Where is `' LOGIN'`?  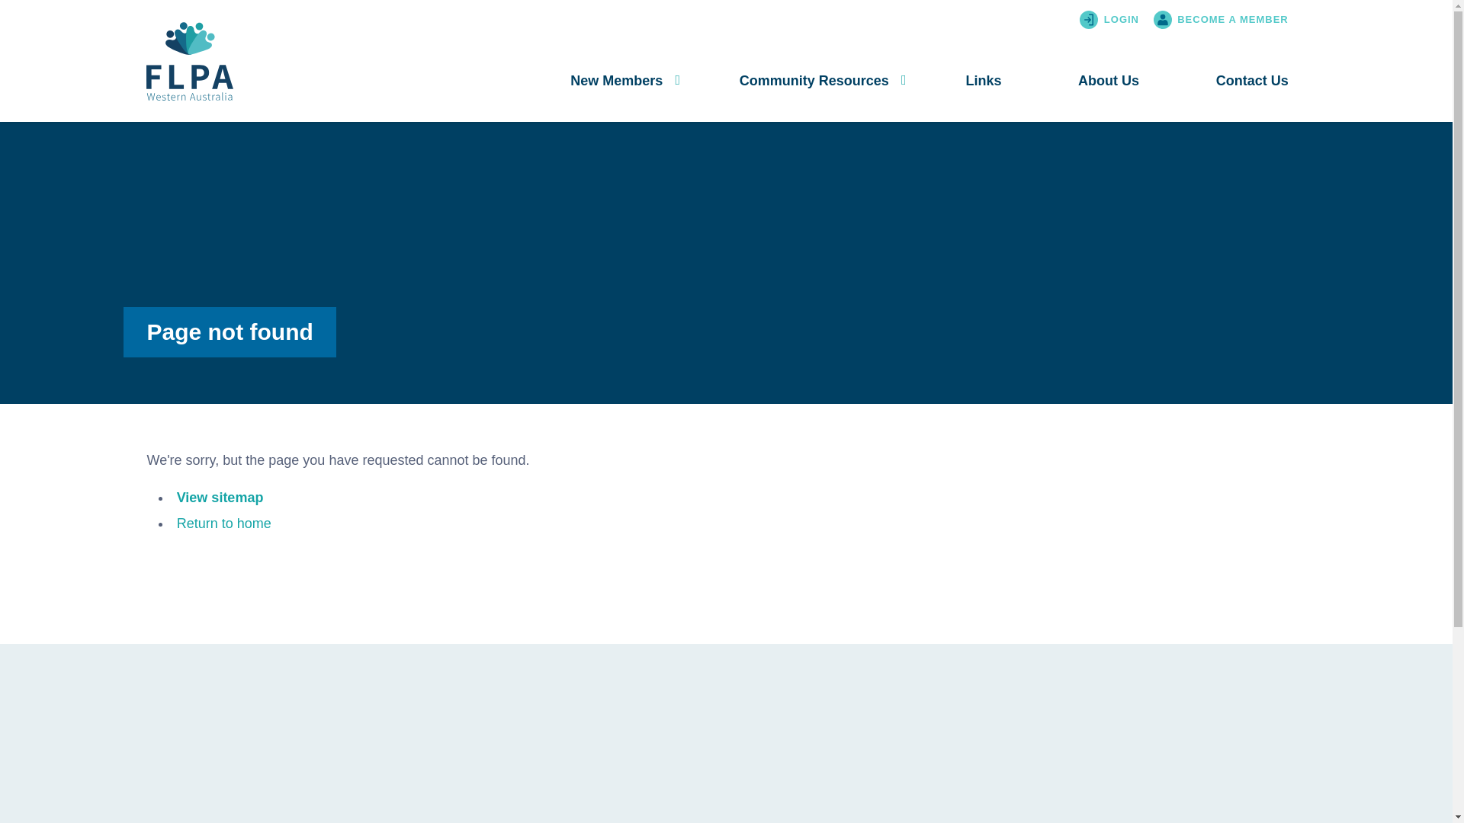 ' LOGIN' is located at coordinates (1123, 20).